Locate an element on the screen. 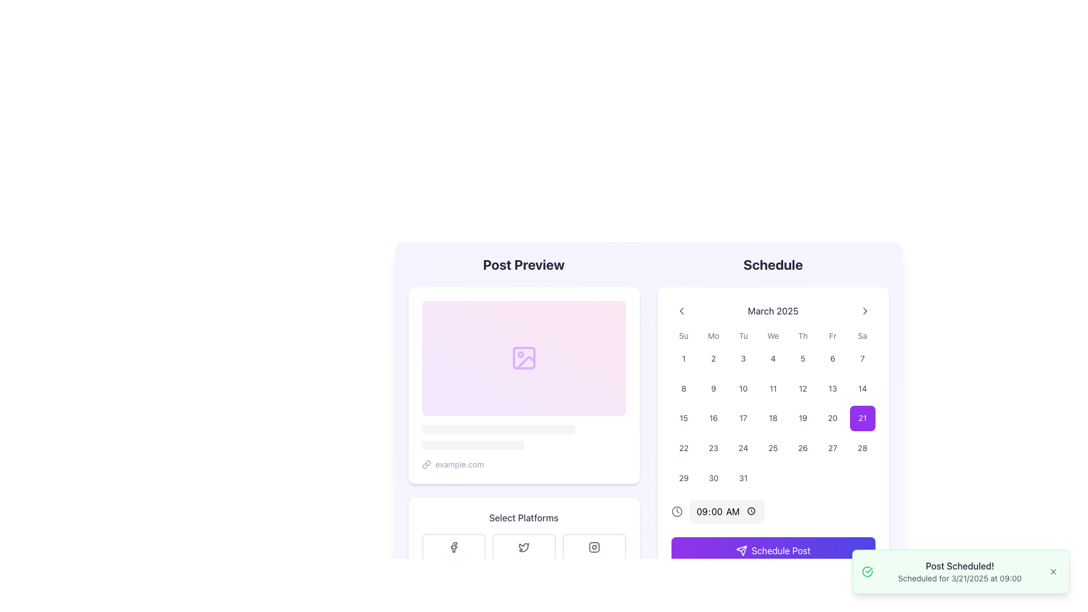 The image size is (1088, 612). the chain link icon located in the bottom left corner of the 'Post Preview' card, which is the second item in a two-icon set is located at coordinates (427, 463).